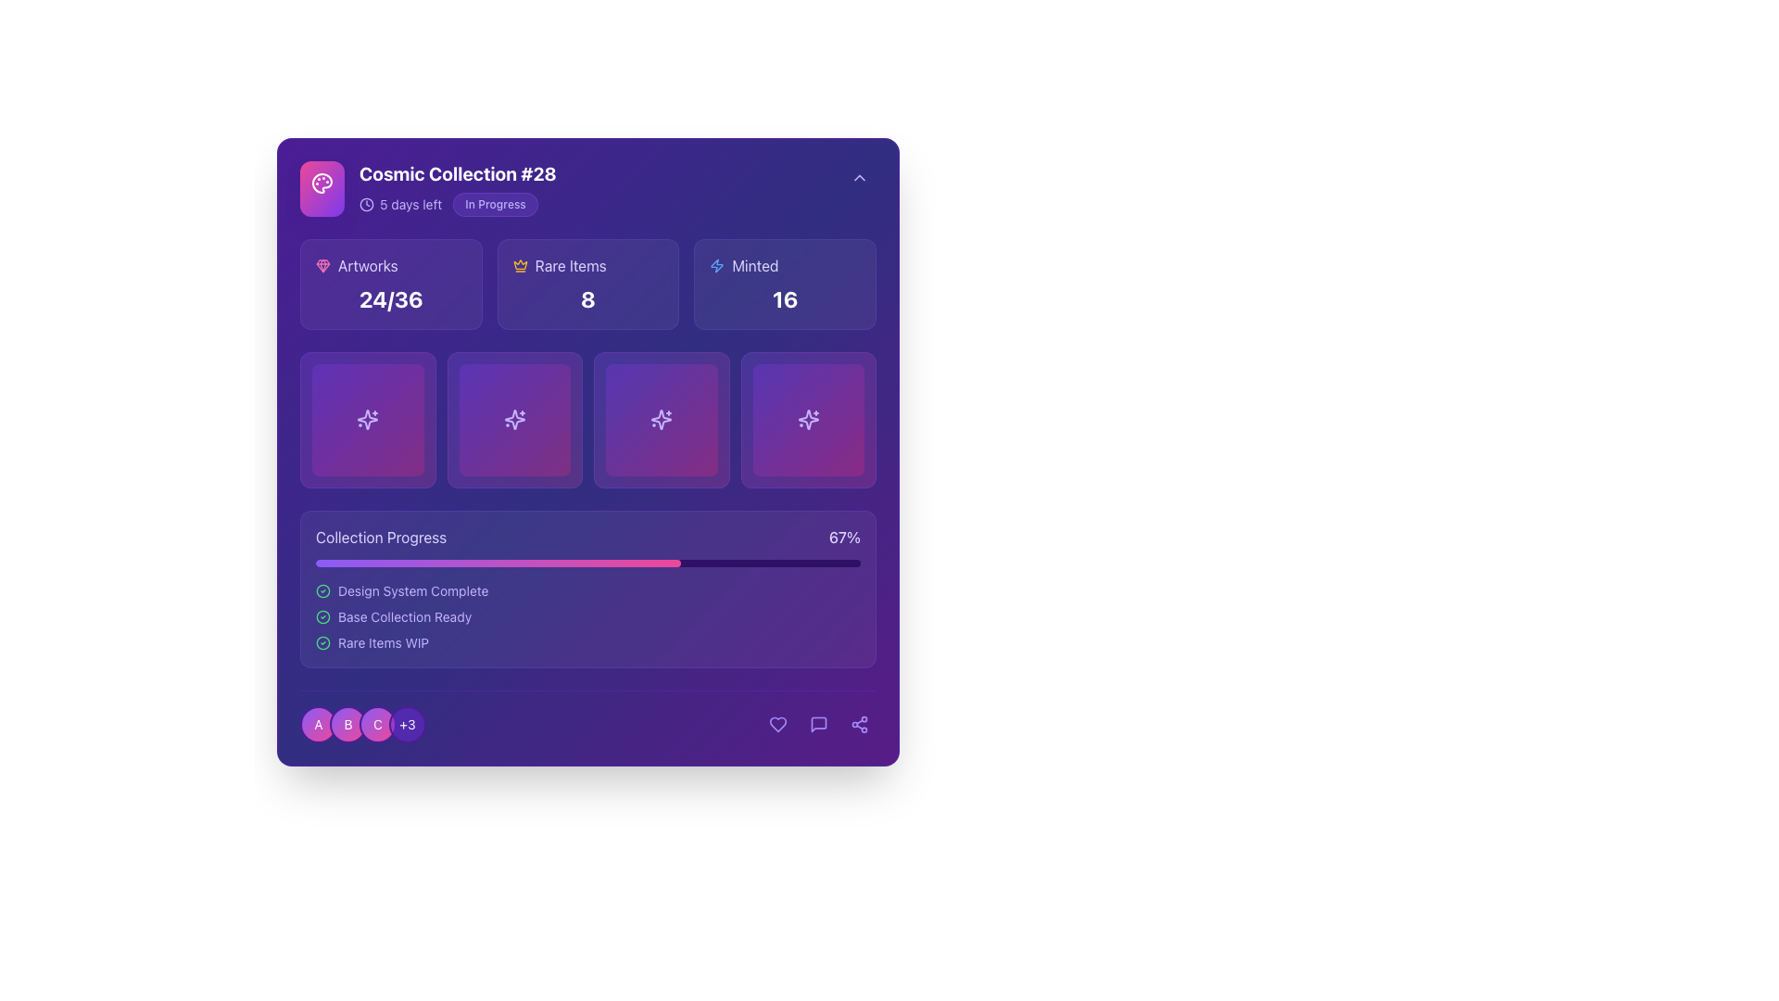  I want to click on the icon indicating the completion of the 'Design System Complete' task, which is the leftmost component in the 'Collection Progress' section, so click(323, 590).